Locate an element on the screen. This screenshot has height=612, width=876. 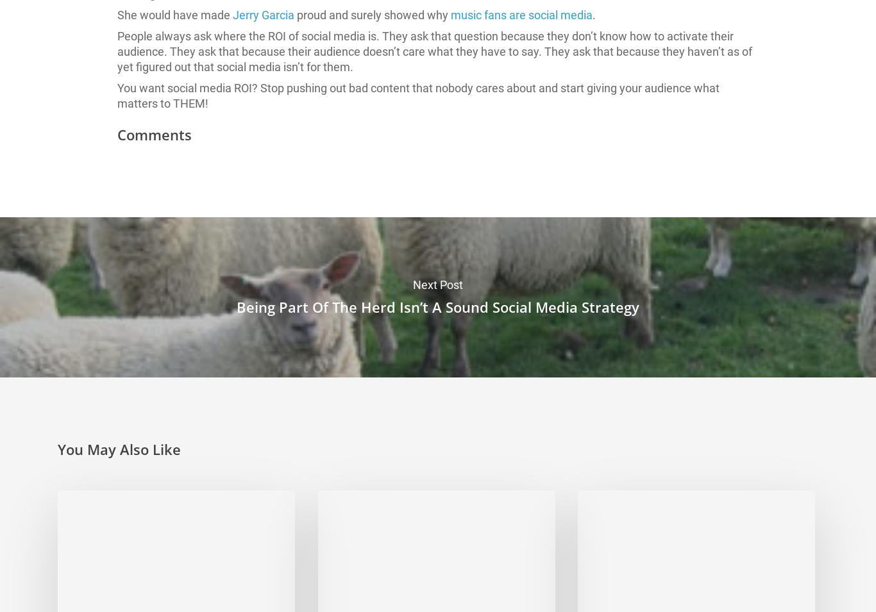
'music fans are social media' is located at coordinates (521, 14).